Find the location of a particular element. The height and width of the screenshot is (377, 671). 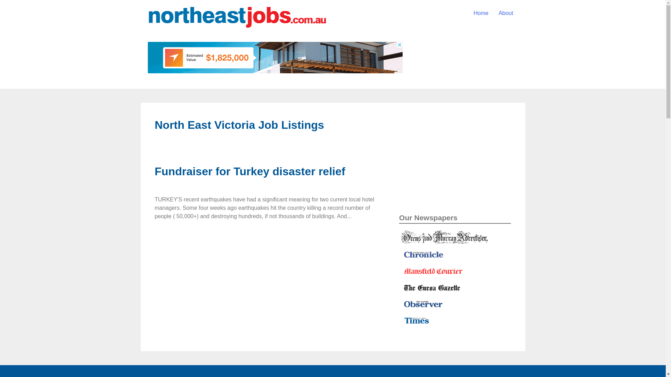

'3rd party ad content' is located at coordinates (274, 57).